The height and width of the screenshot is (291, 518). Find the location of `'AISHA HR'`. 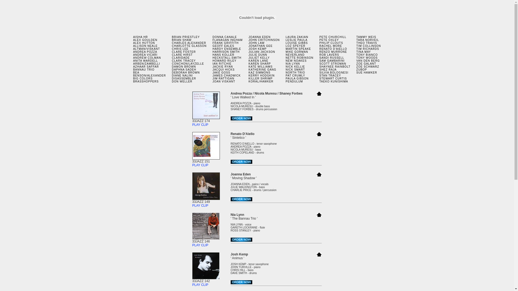

'AISHA HR' is located at coordinates (133, 37).